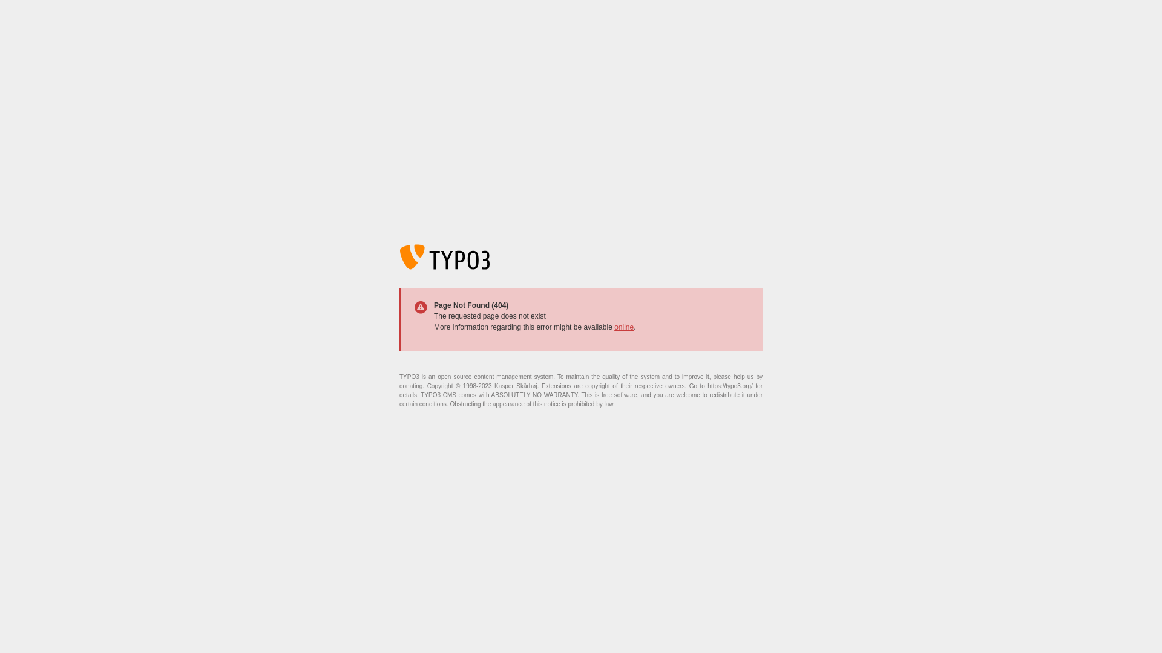  What do you see at coordinates (707, 386) in the screenshot?
I see `'https://typo3.org/'` at bounding box center [707, 386].